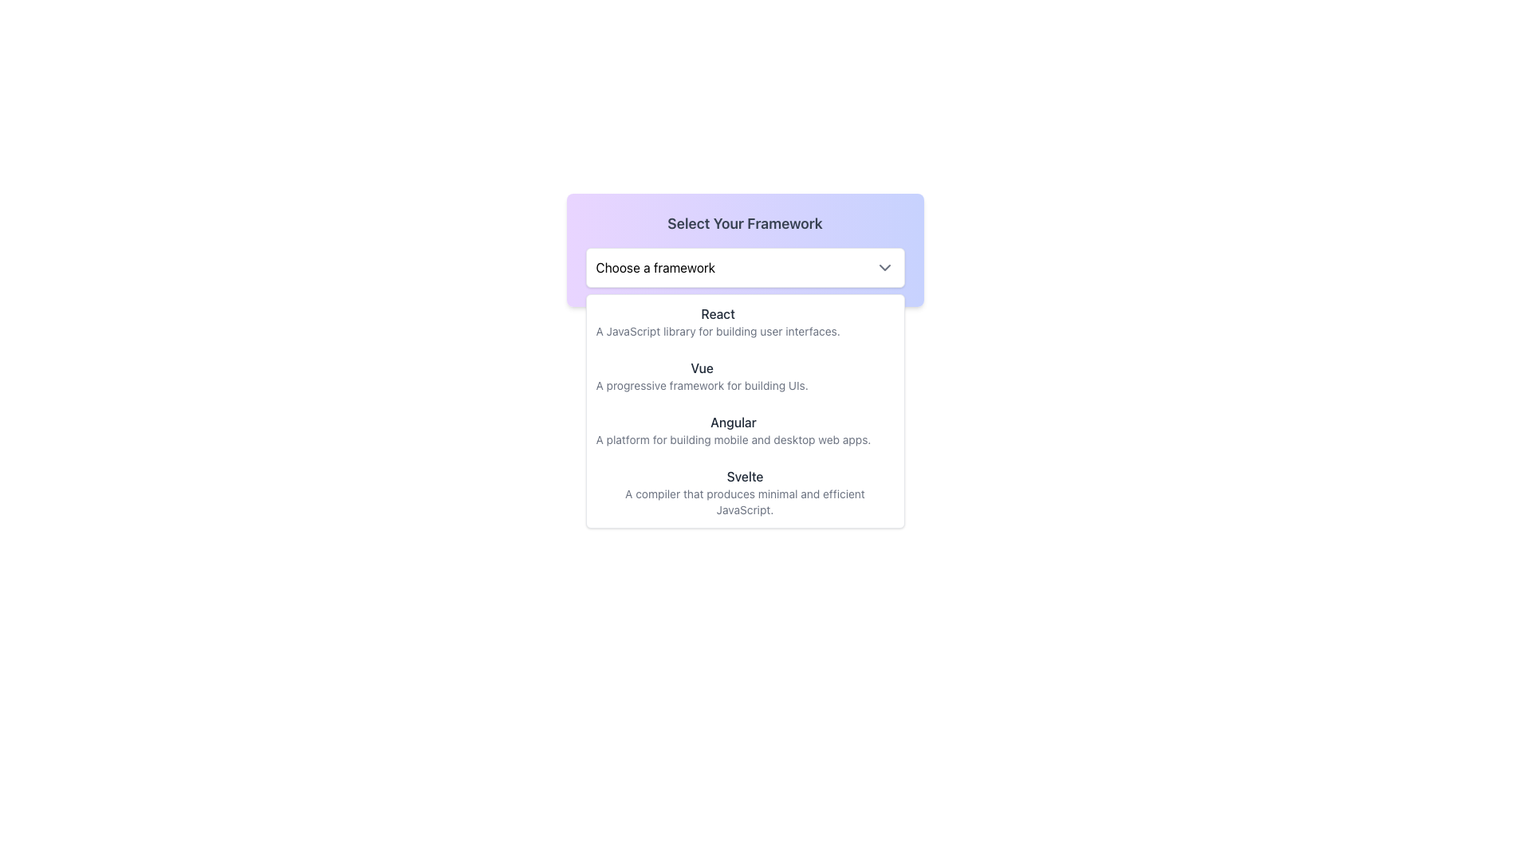 This screenshot has width=1531, height=861. I want to click on the third option in the dropdown menu labeled 'Choose a framework', so click(744, 411).